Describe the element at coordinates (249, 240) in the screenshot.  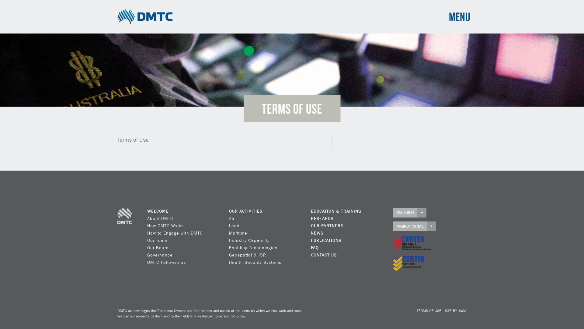
I see `'Industry Capability'` at that location.